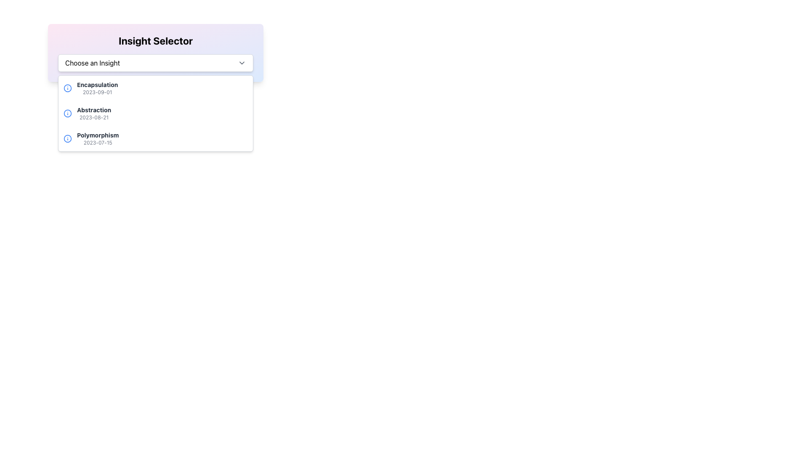 Image resolution: width=808 pixels, height=454 pixels. What do you see at coordinates (97, 84) in the screenshot?
I see `the bold text label displaying 'Encapsulation', which is located at the top-left corner of the dropdown-style insight selector panel, above the date text '2023-09-01'` at bounding box center [97, 84].